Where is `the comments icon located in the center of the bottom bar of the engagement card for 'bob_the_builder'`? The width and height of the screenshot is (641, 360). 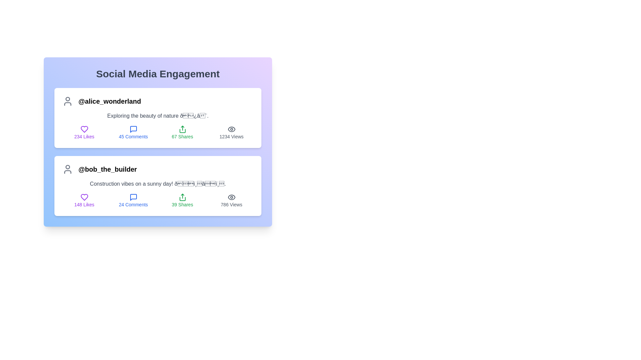
the comments icon located in the center of the bottom bar of the engagement card for 'bob_the_builder' is located at coordinates (133, 197).